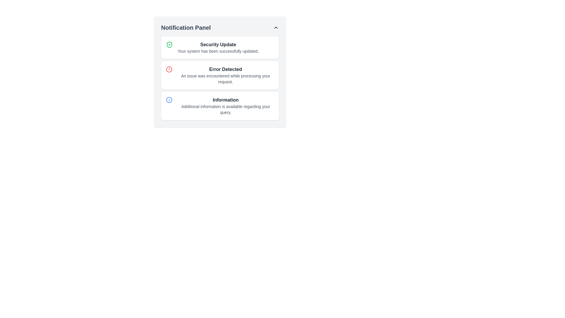 Image resolution: width=565 pixels, height=318 pixels. I want to click on the Notification alert titled 'Error Detected' which contains the description 'An issue was encountered while processing your request.', so click(225, 75).